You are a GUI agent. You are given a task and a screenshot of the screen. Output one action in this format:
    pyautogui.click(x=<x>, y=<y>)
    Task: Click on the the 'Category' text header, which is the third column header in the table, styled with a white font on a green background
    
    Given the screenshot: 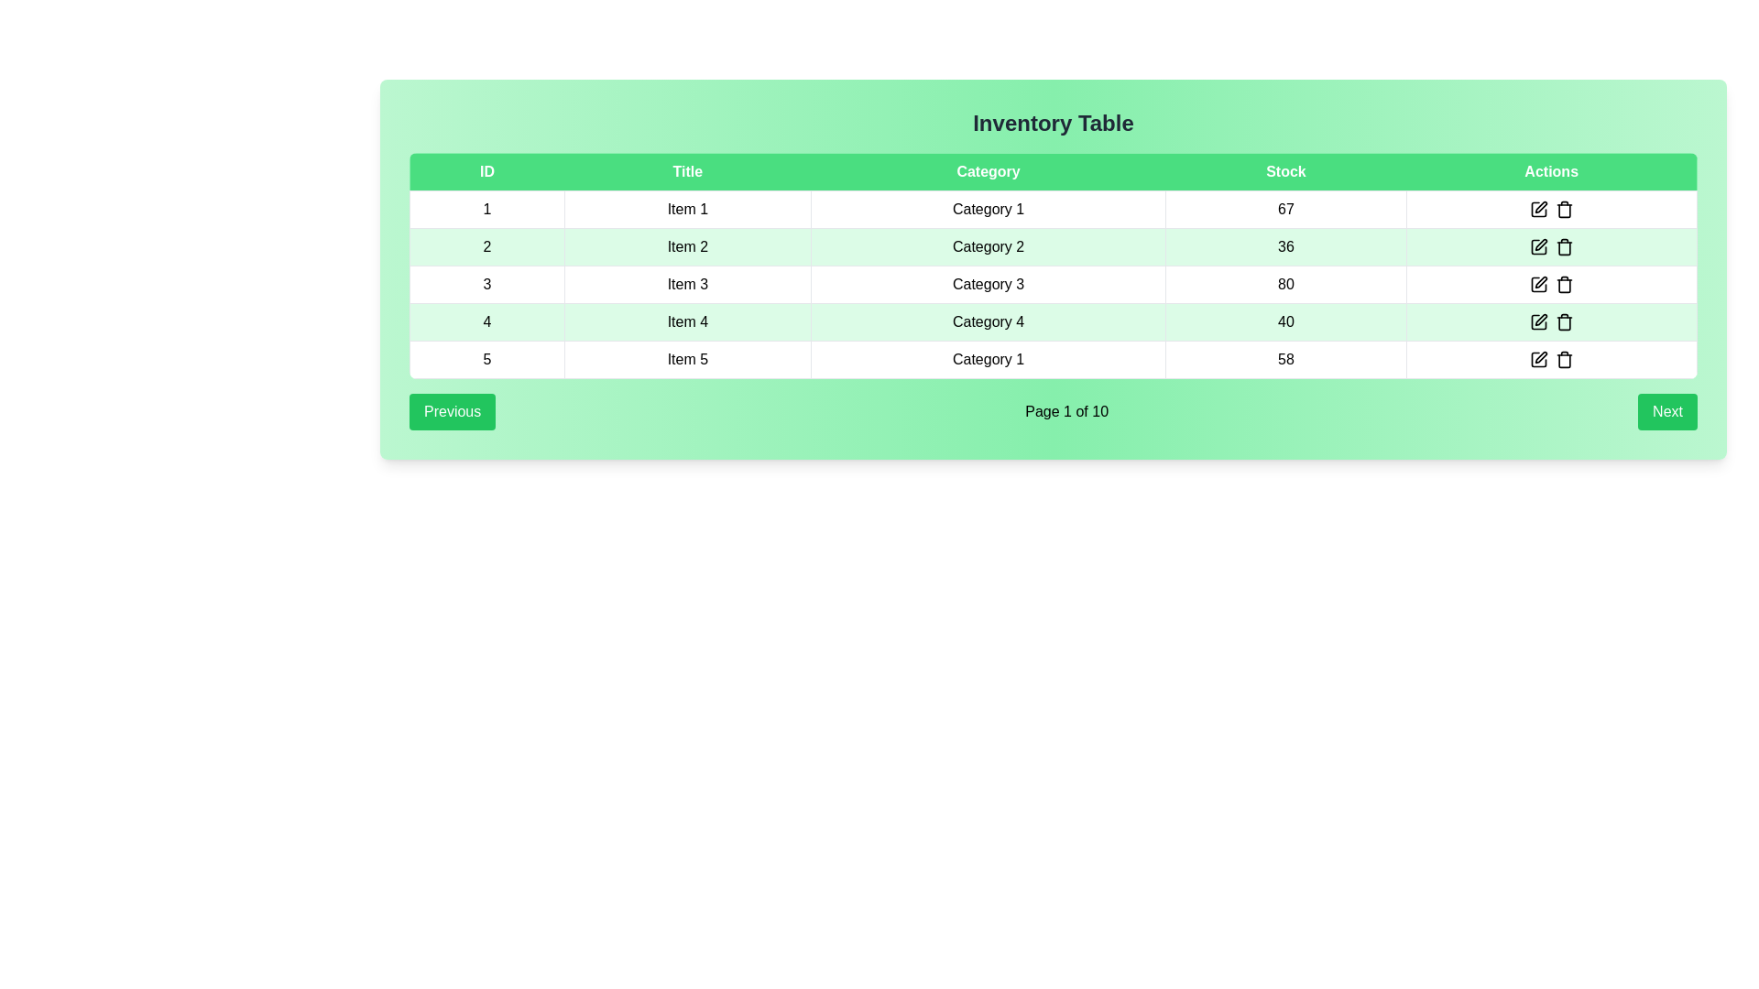 What is the action you would take?
    pyautogui.click(x=988, y=172)
    